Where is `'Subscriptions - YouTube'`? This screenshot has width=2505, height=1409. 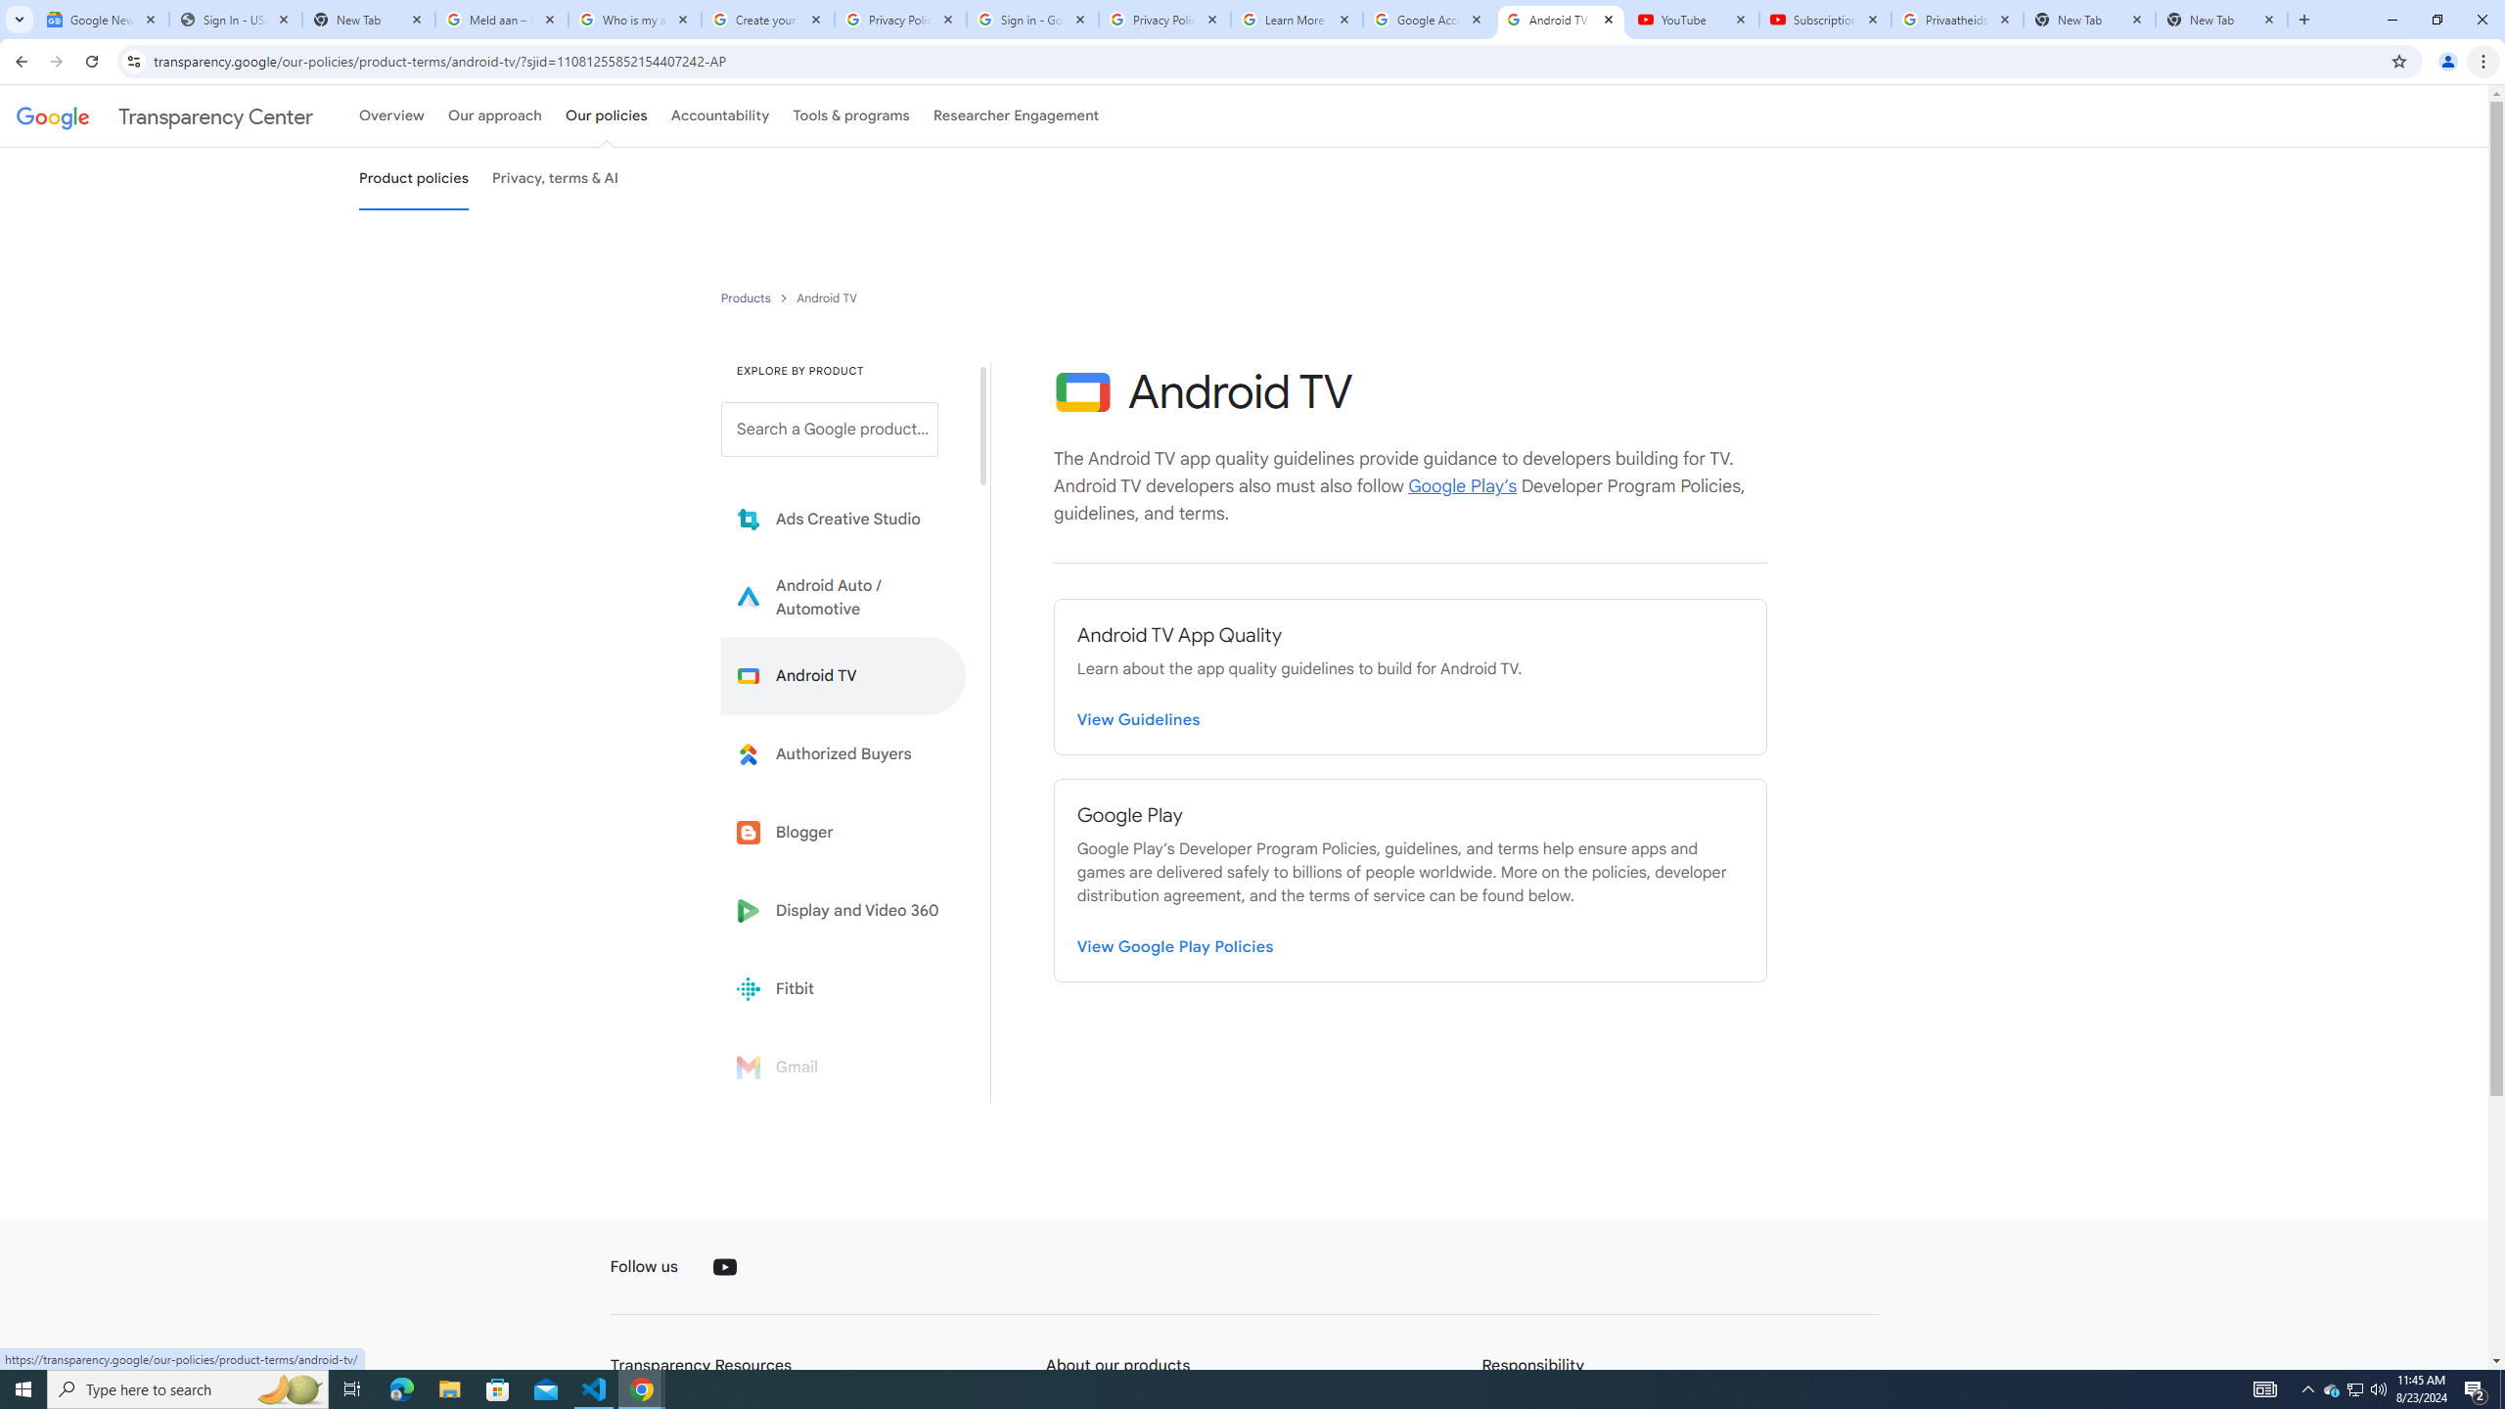 'Subscriptions - YouTube' is located at coordinates (1826, 19).